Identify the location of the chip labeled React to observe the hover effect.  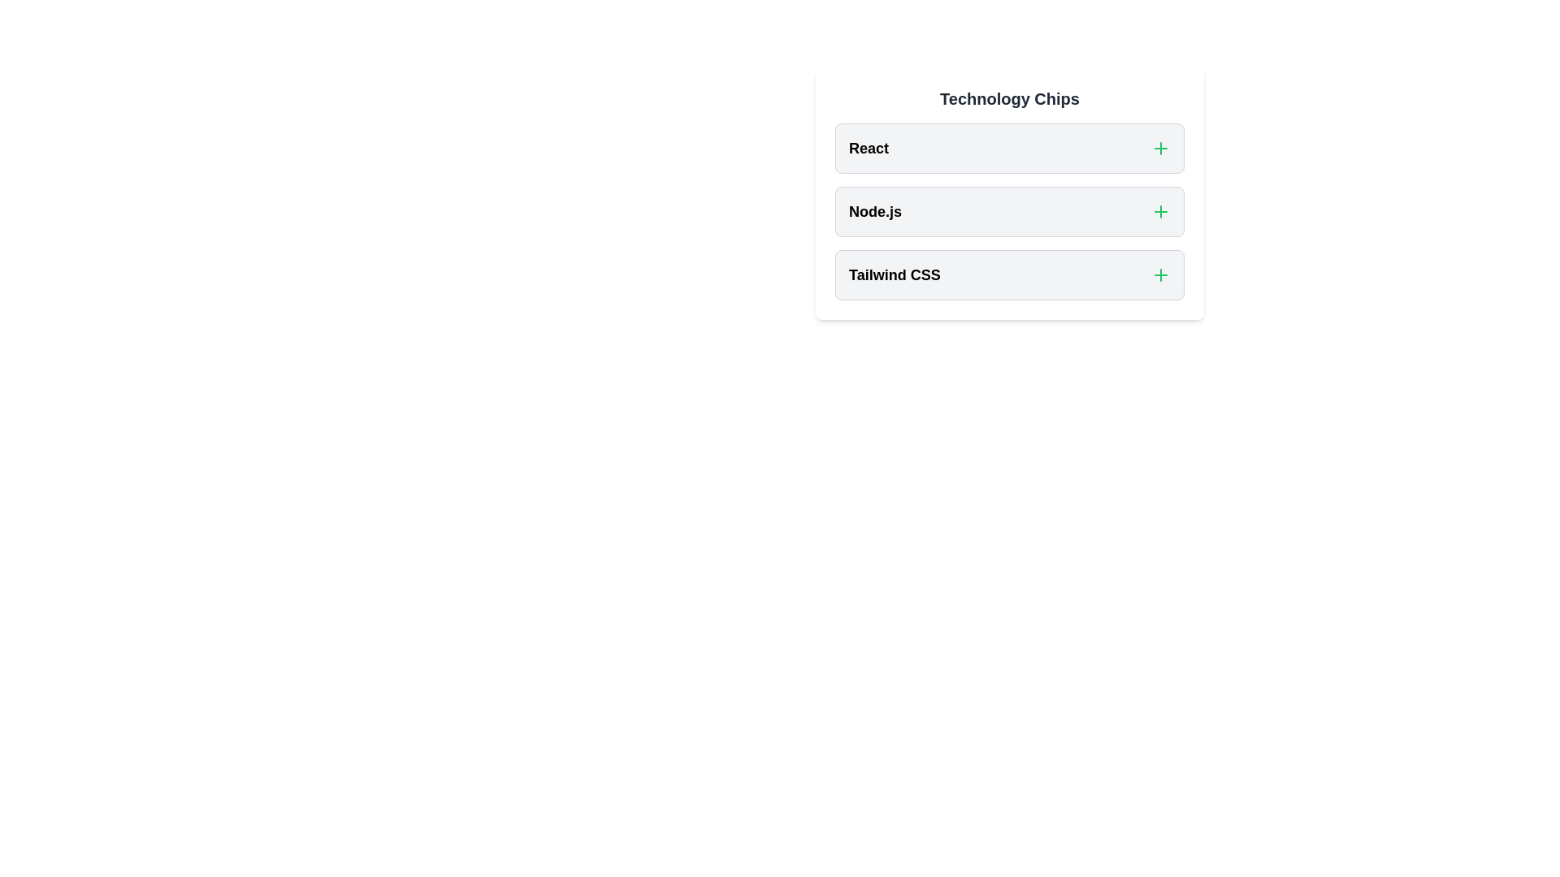
(1009, 148).